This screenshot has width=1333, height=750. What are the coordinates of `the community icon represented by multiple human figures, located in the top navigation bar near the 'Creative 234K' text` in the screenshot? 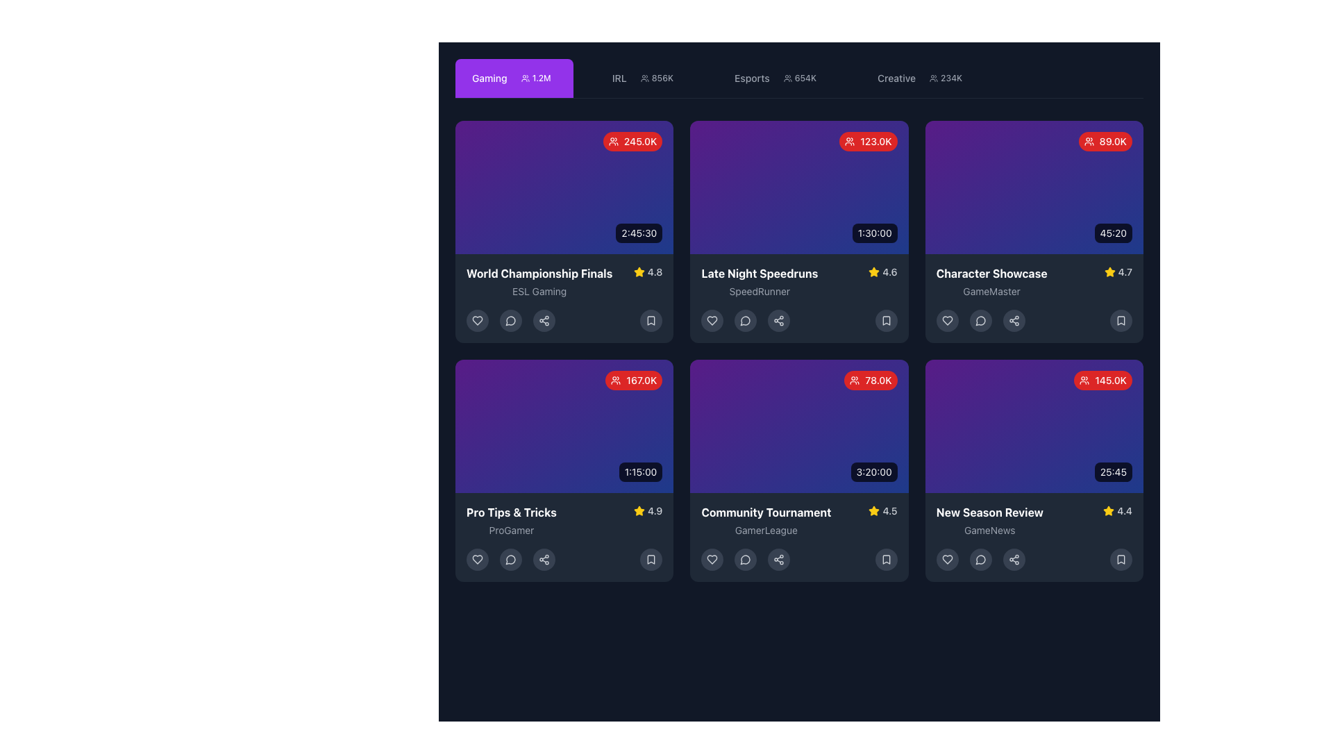 It's located at (934, 78).